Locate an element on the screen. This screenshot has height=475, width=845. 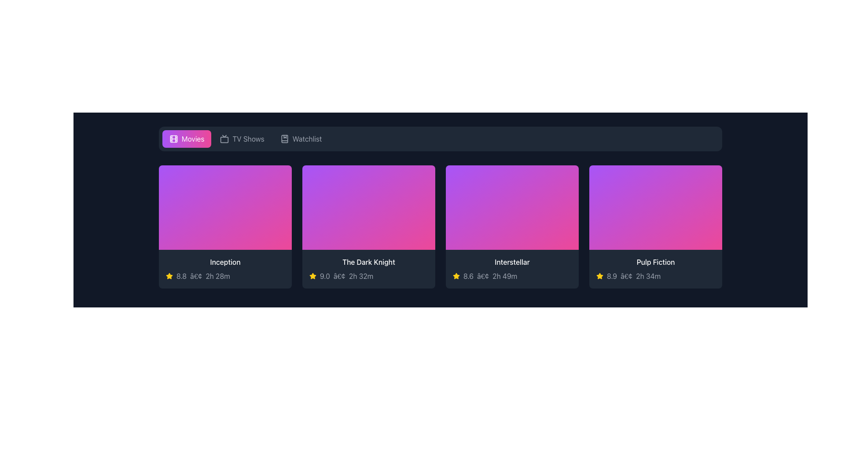
the movie card representing a movie in the listing interface, located in the third position between 'The Dark Knight' and 'Pulp Fiction' is located at coordinates (512, 227).